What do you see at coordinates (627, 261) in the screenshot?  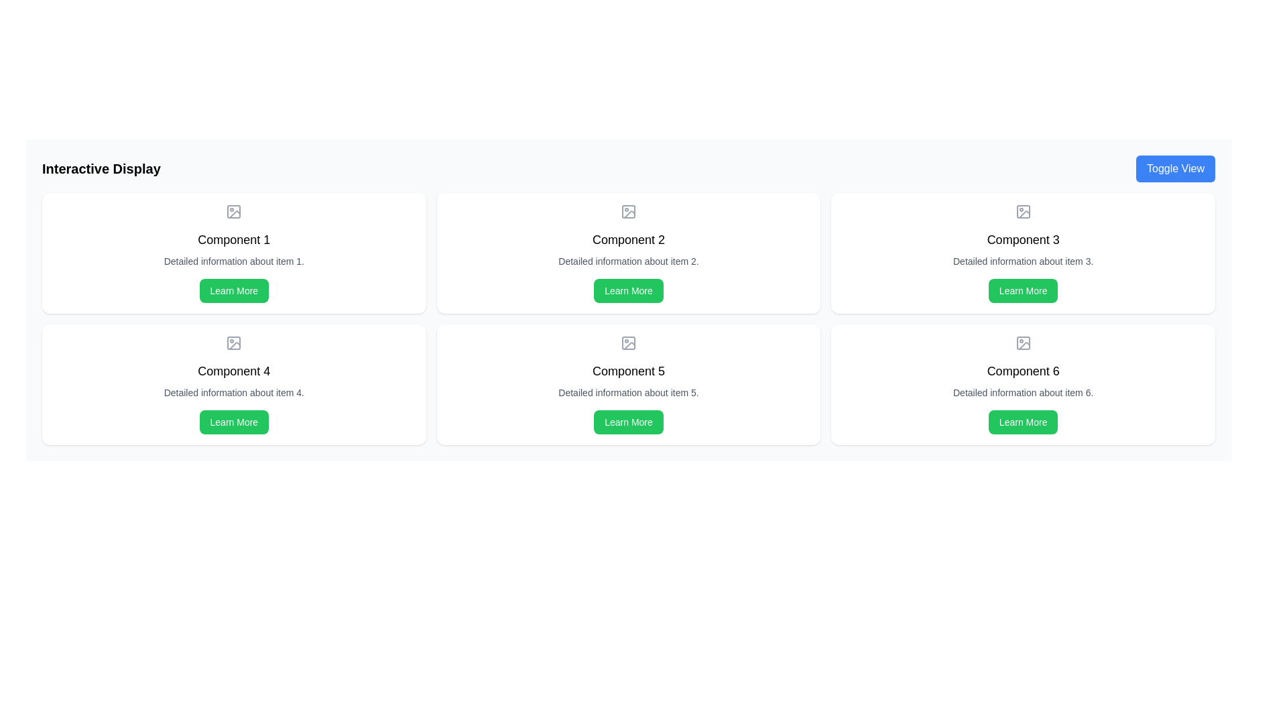 I see `the static text content that provides detailed descriptive information about 'Component 2', which is the second element under the heading 'Component 2'` at bounding box center [627, 261].